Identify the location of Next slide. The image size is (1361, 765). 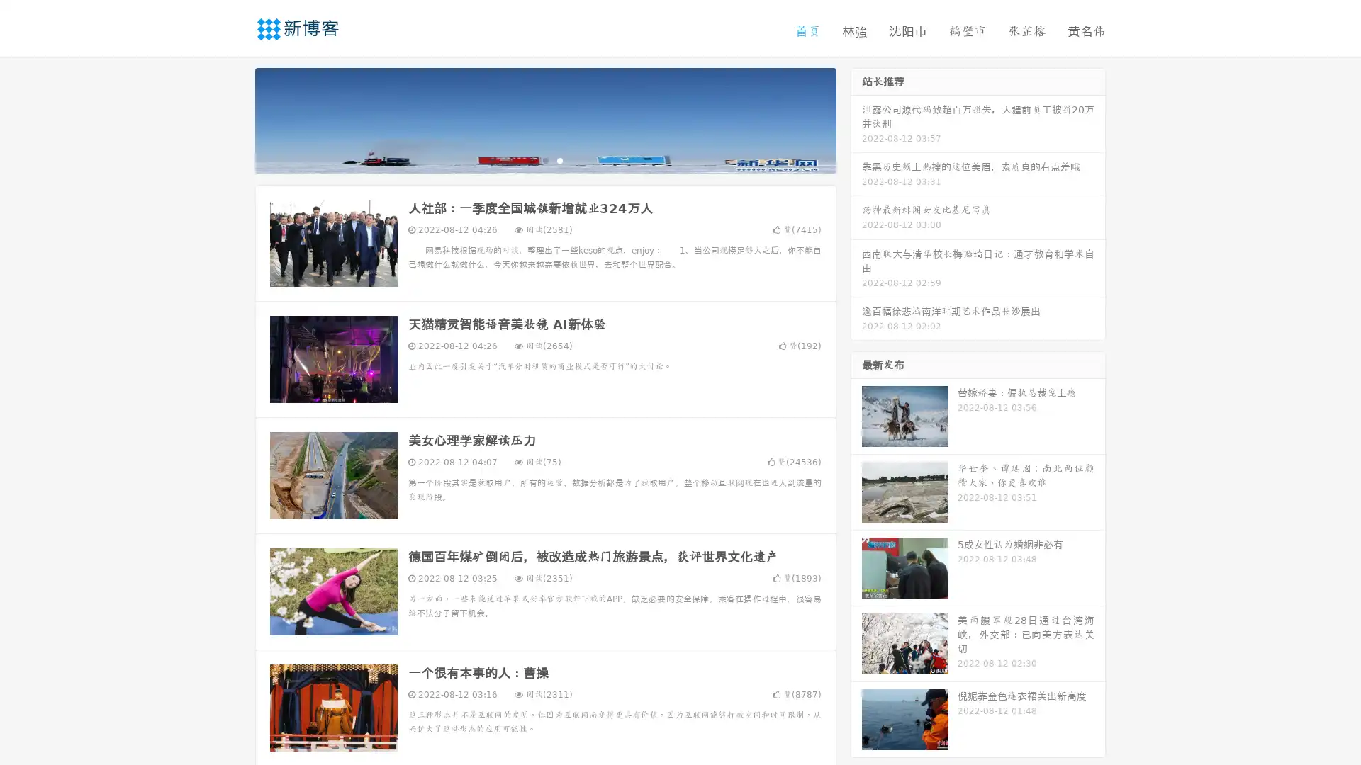
(856, 119).